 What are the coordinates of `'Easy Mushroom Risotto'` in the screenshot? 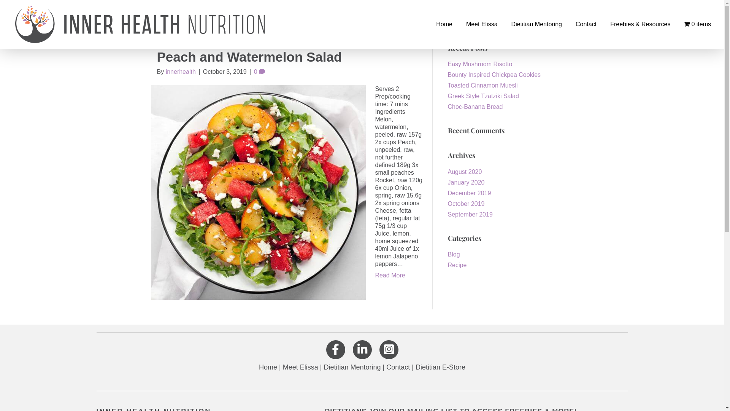 It's located at (479, 64).